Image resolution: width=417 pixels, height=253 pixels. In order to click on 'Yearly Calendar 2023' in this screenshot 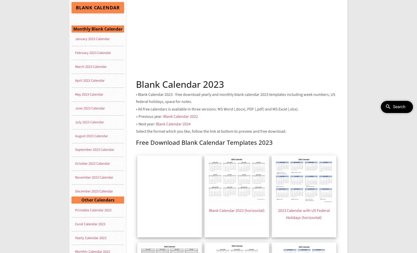, I will do `click(91, 237)`.